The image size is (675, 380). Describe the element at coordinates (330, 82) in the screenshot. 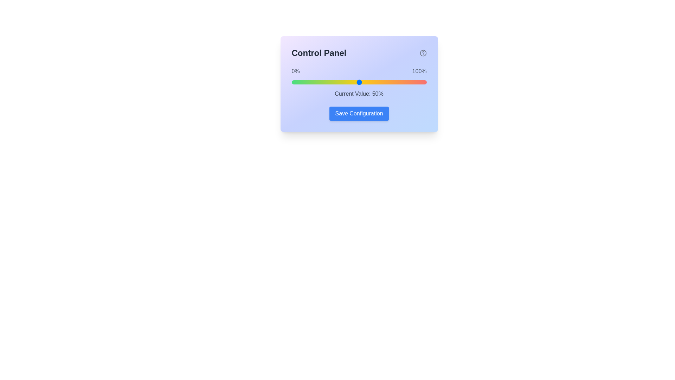

I see `the slider to set the value to 29%` at that location.